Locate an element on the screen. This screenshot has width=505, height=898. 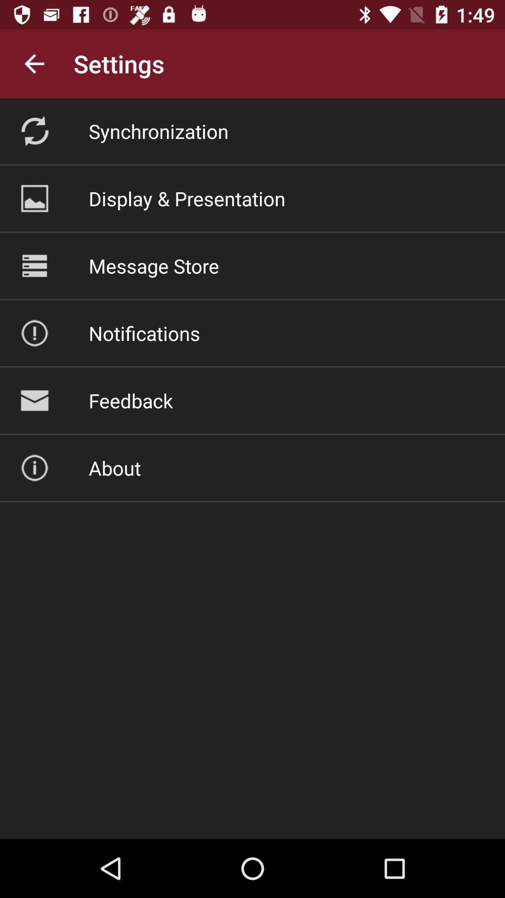
display & presentation item is located at coordinates (187, 198).